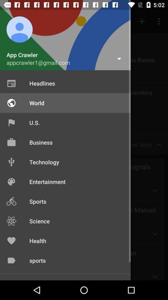 Image resolution: width=168 pixels, height=300 pixels. I want to click on the expand_more icon, so click(154, 190).